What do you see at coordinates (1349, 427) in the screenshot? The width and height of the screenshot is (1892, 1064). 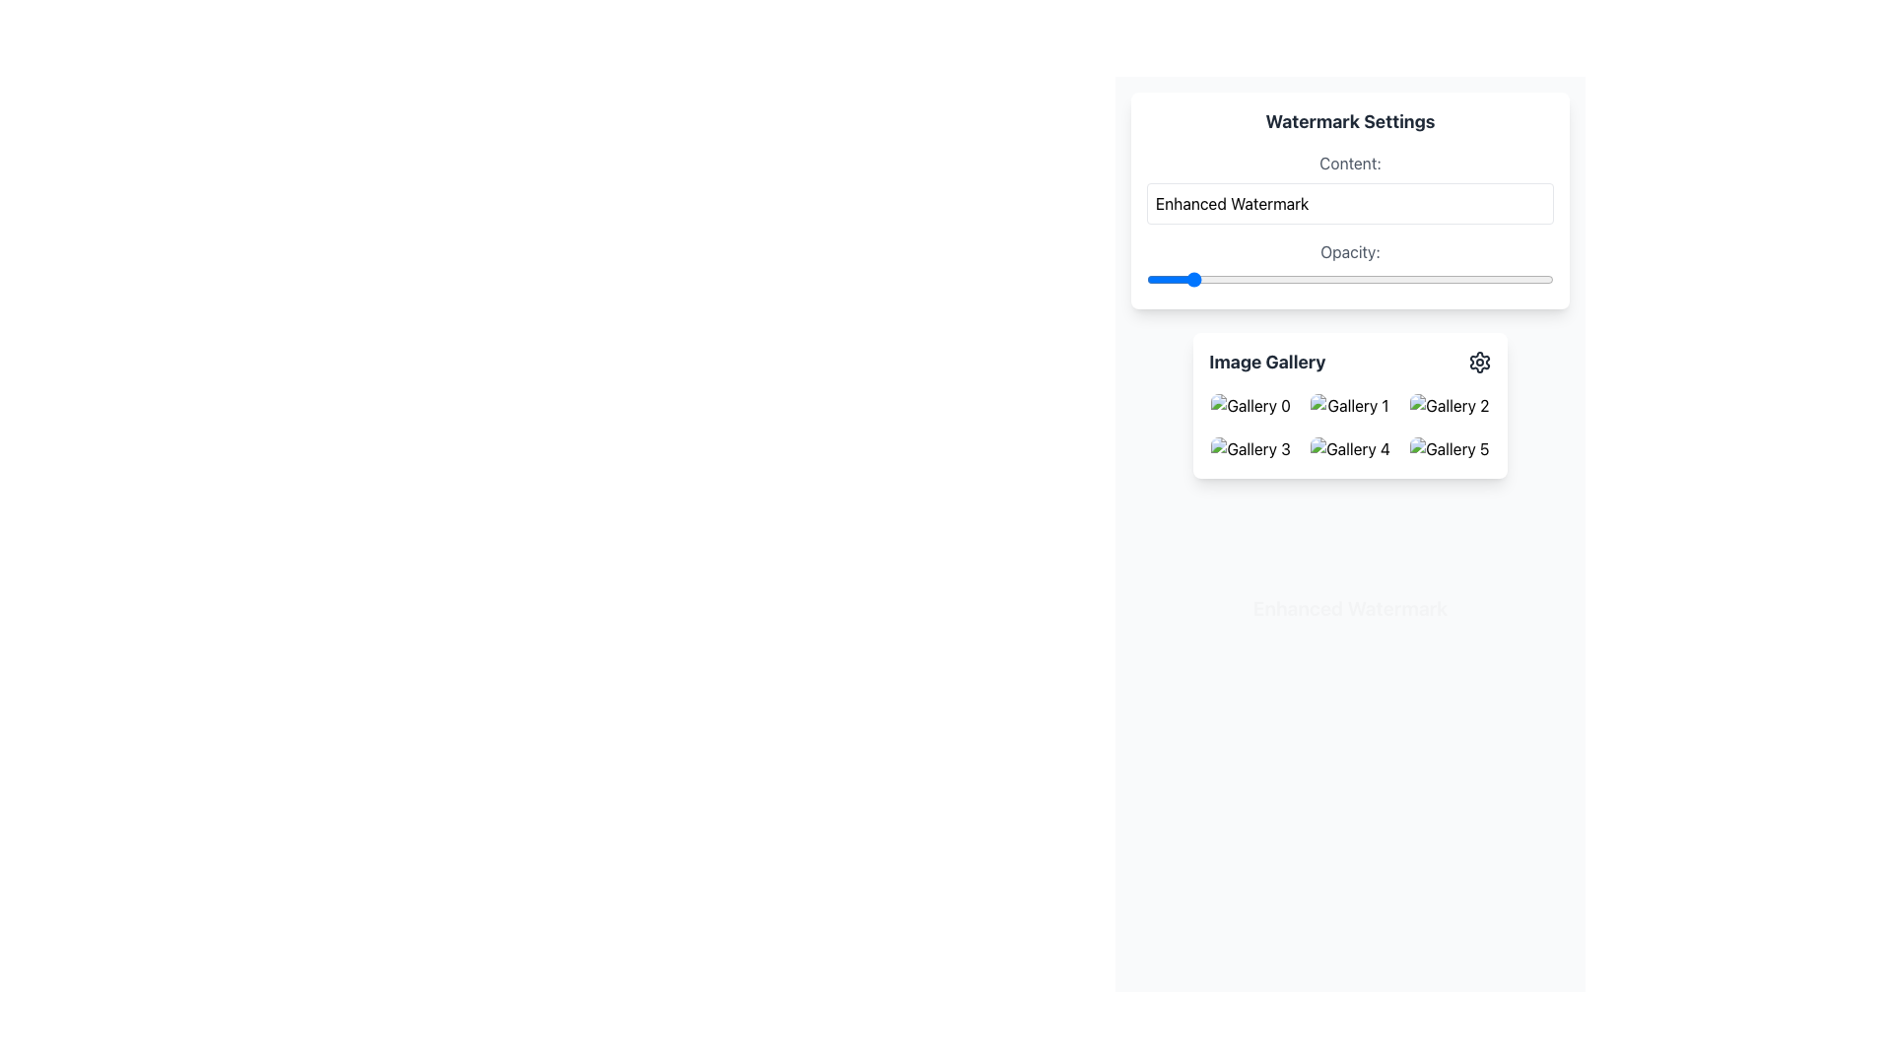 I see `a thumbnail in the Image Gallery grid layout` at bounding box center [1349, 427].